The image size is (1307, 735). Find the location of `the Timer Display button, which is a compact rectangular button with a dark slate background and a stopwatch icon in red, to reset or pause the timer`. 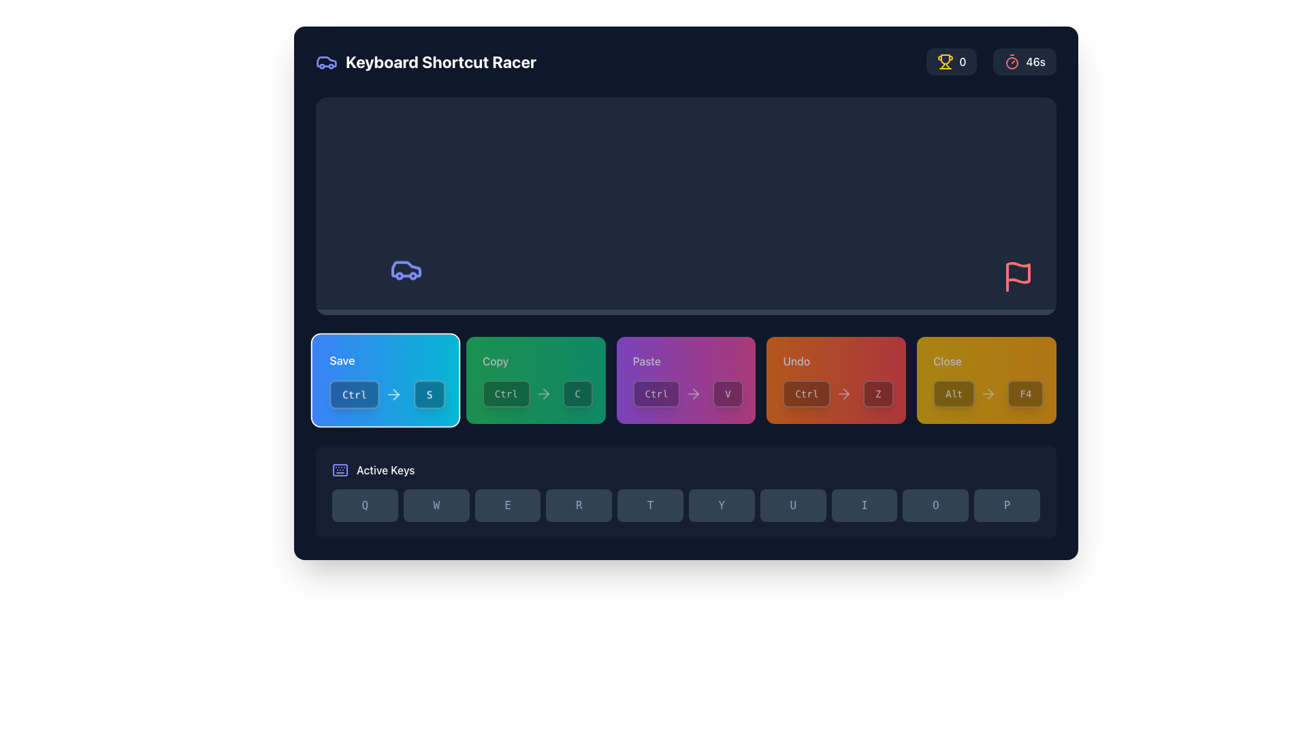

the Timer Display button, which is a compact rectangular button with a dark slate background and a stopwatch icon in red, to reset or pause the timer is located at coordinates (1024, 62).